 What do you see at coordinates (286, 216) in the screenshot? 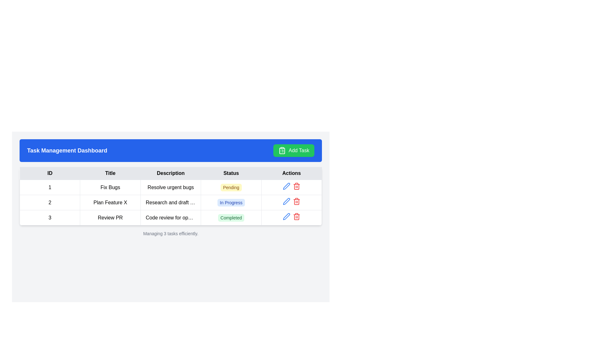
I see `the pen icon in the Actions column of the Task Management Dashboard to initiate task edit mode for the second row (Plan Feature X)` at bounding box center [286, 216].